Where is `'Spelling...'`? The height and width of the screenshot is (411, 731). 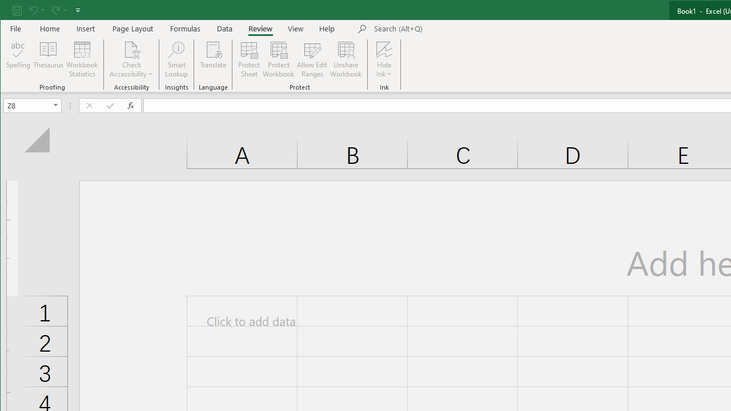 'Spelling...' is located at coordinates (18, 59).